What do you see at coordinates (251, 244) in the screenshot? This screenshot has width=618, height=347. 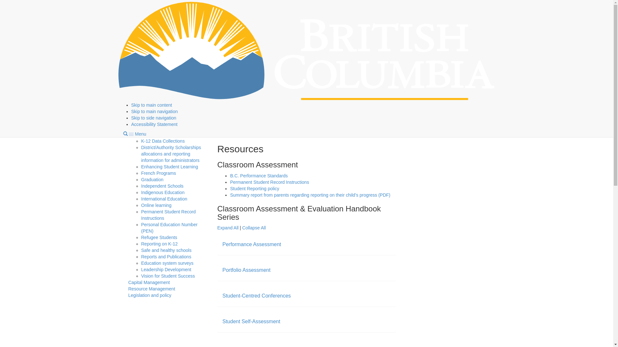 I see `'Performance Assessment'` at bounding box center [251, 244].